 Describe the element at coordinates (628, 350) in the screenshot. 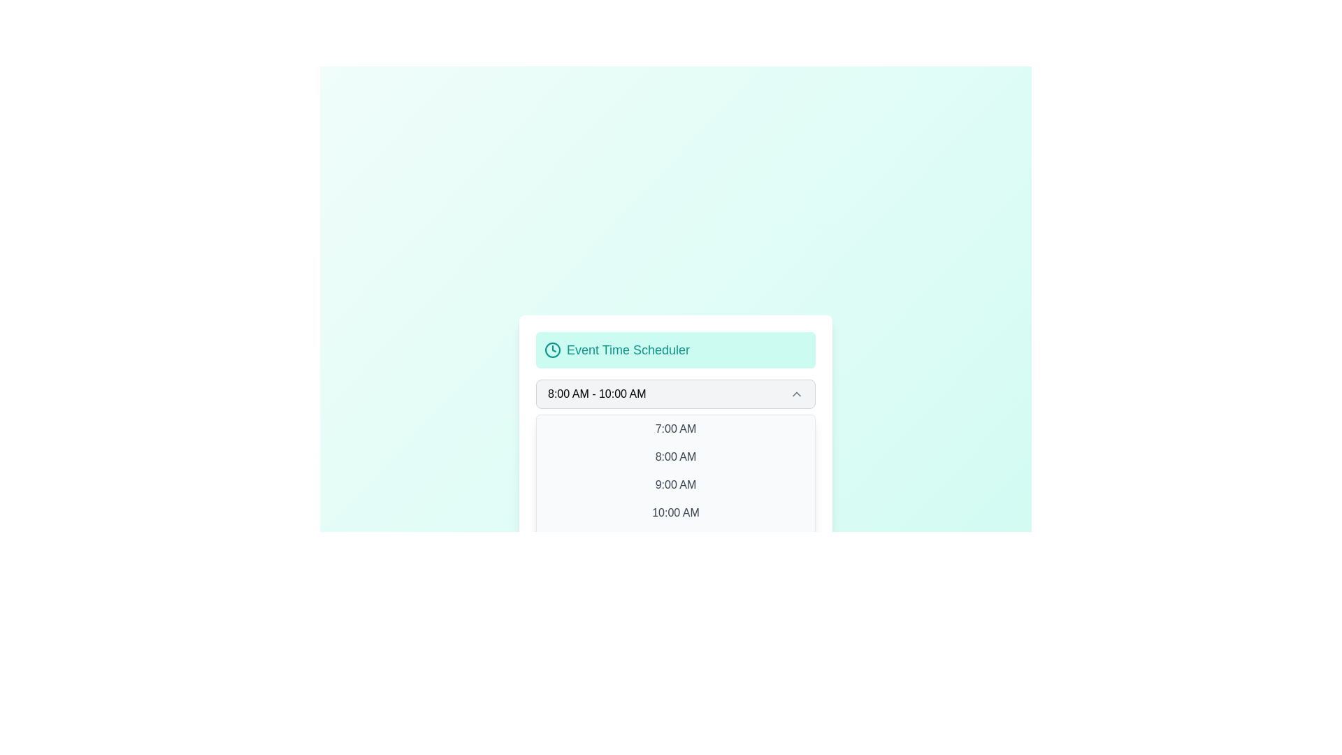

I see `the Text Label displaying 'Event Time Scheduler', which is styled in a medium-sized bold teal font on a light teal background` at that location.